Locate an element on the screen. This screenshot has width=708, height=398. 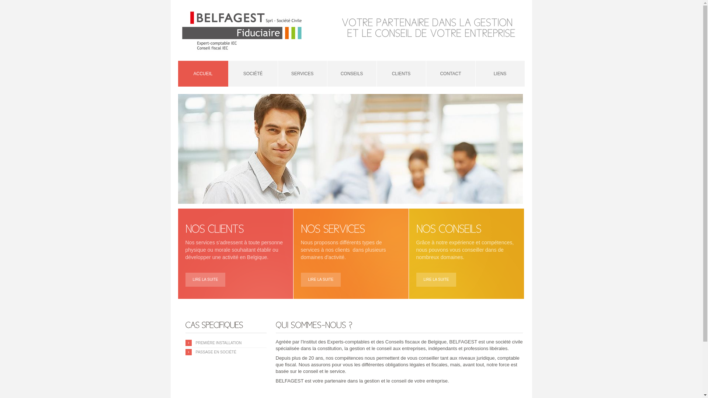
'SERVICES' is located at coordinates (277, 74).